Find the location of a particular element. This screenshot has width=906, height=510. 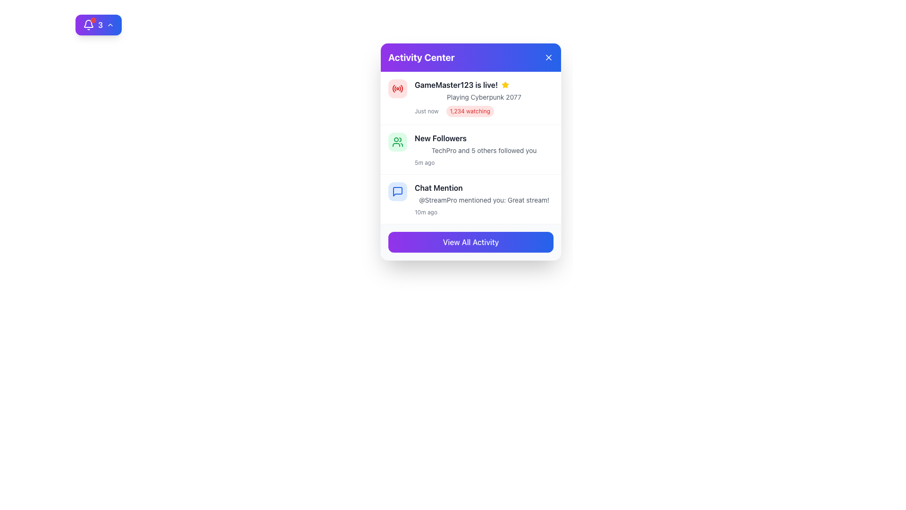

text content of the bold text label displaying 'GameMaster123 is live!' found in the notification card at the top of the 'Activity Center' popup is located at coordinates (456, 85).